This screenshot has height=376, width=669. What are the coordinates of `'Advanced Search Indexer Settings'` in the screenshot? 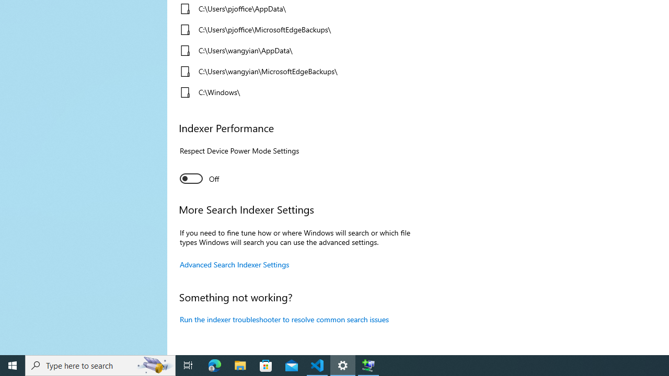 It's located at (234, 264).